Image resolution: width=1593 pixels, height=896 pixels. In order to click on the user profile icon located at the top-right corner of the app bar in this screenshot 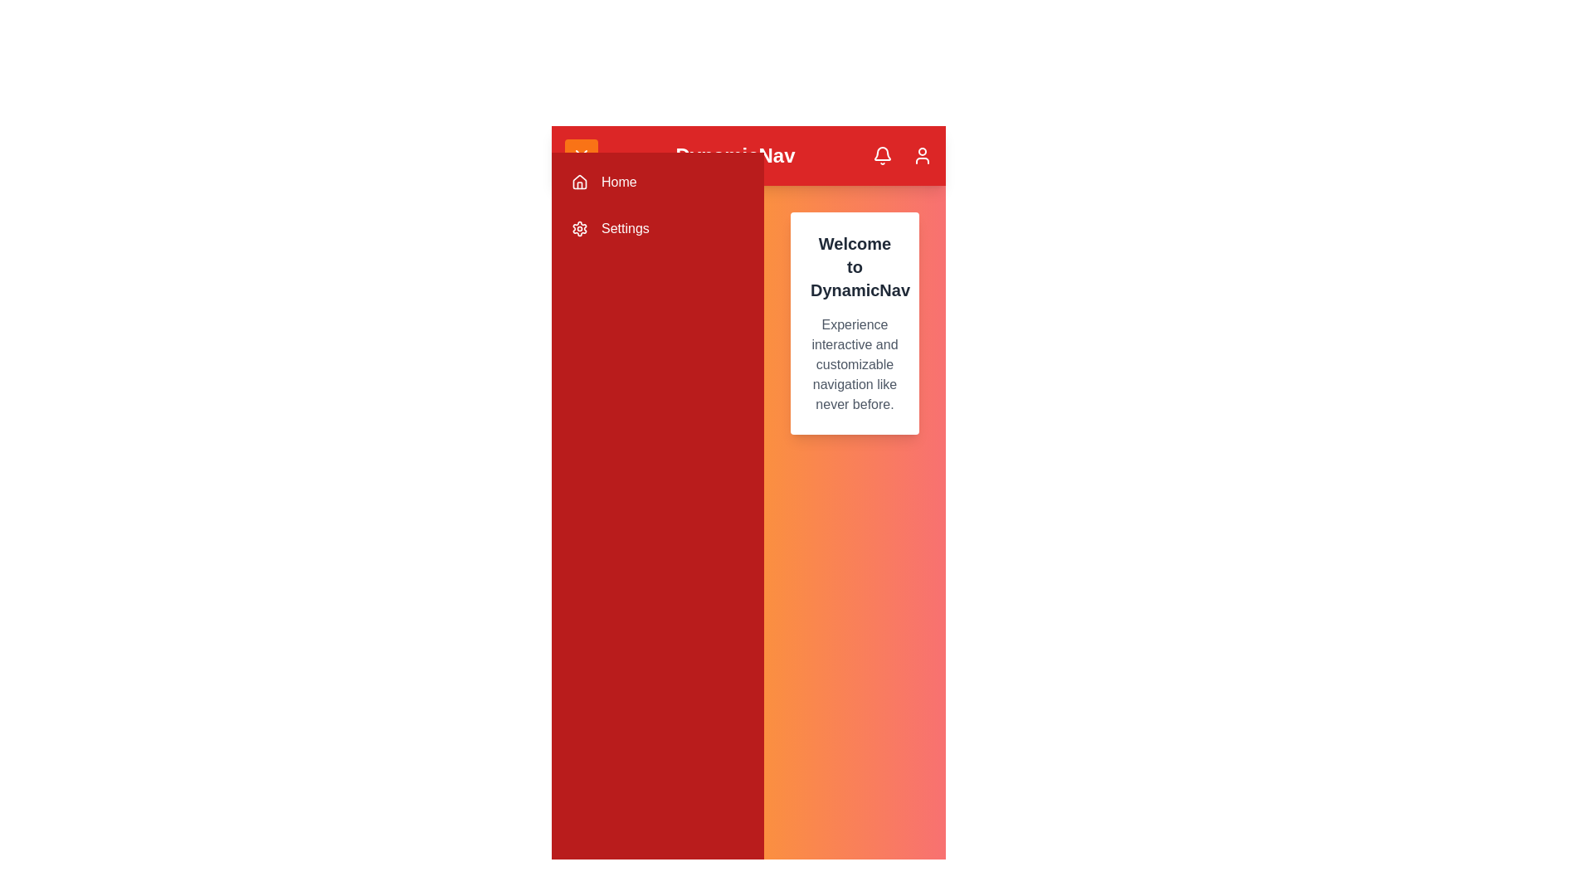, I will do `click(922, 156)`.